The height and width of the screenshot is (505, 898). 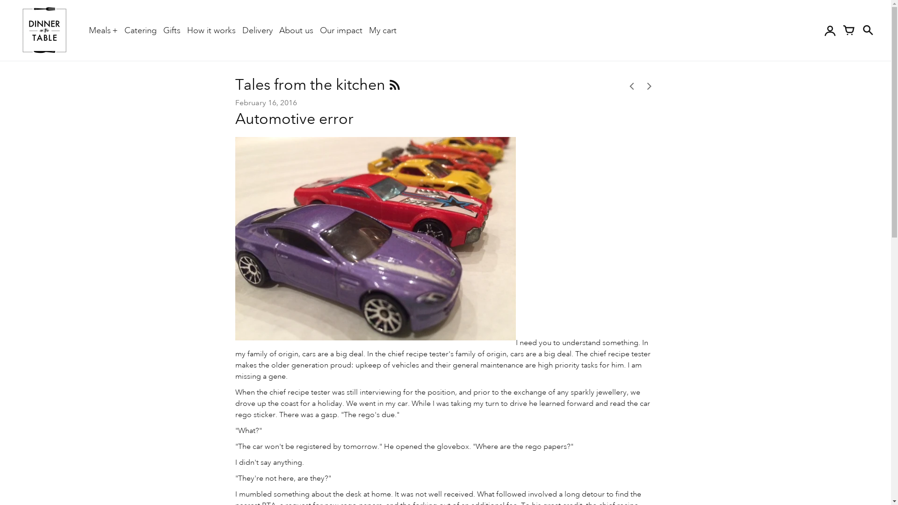 What do you see at coordinates (257, 29) in the screenshot?
I see `'Delivery'` at bounding box center [257, 29].